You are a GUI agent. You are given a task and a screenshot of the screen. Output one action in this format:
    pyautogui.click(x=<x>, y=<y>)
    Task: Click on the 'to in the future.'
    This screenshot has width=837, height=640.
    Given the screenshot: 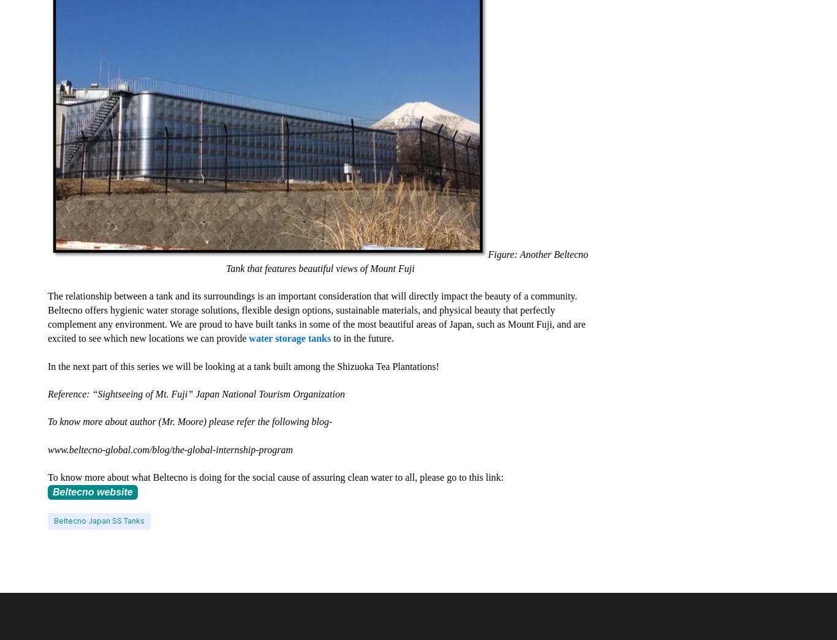 What is the action you would take?
    pyautogui.click(x=362, y=338)
    